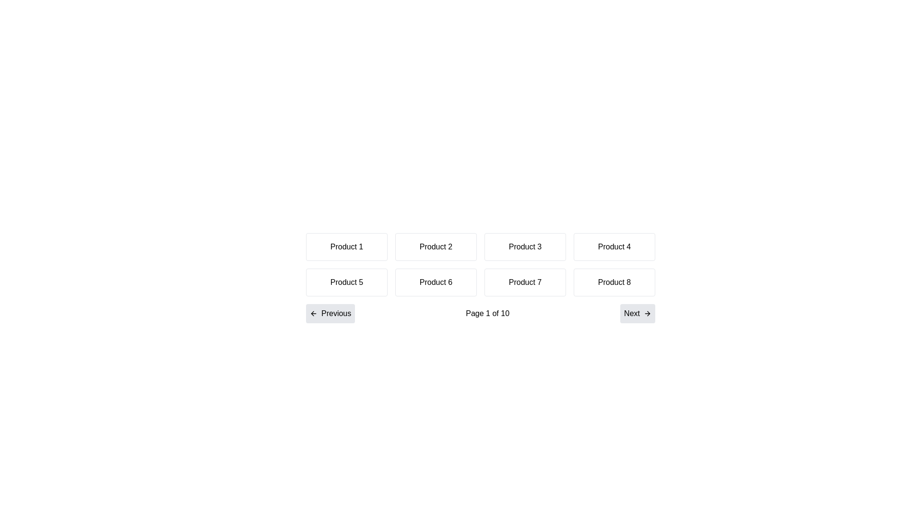 Image resolution: width=921 pixels, height=518 pixels. Describe the element at coordinates (481, 278) in the screenshot. I see `the button representing the sixth product in the list` at that location.